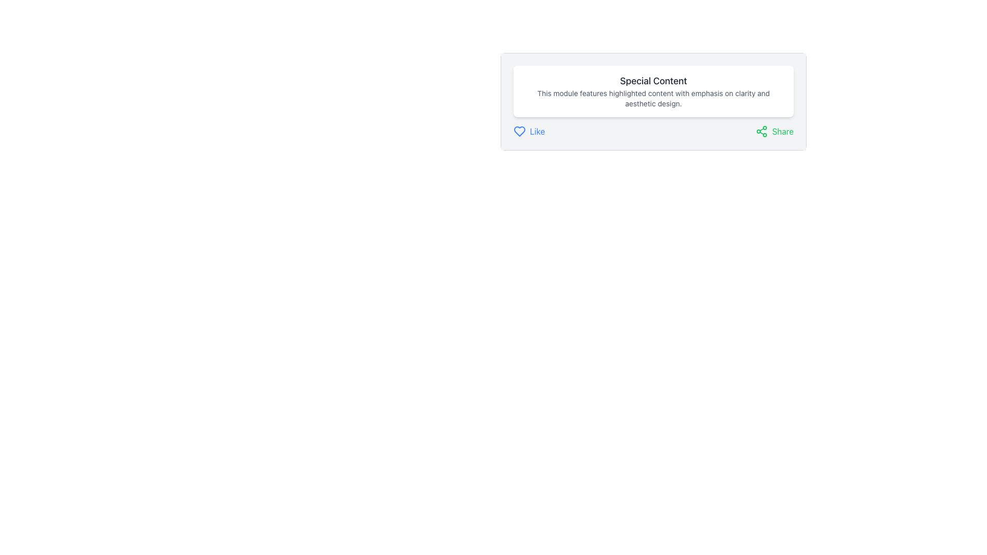 This screenshot has height=555, width=987. What do you see at coordinates (653, 81) in the screenshot?
I see `the text label displaying 'Special Content' to observe any potential effects` at bounding box center [653, 81].